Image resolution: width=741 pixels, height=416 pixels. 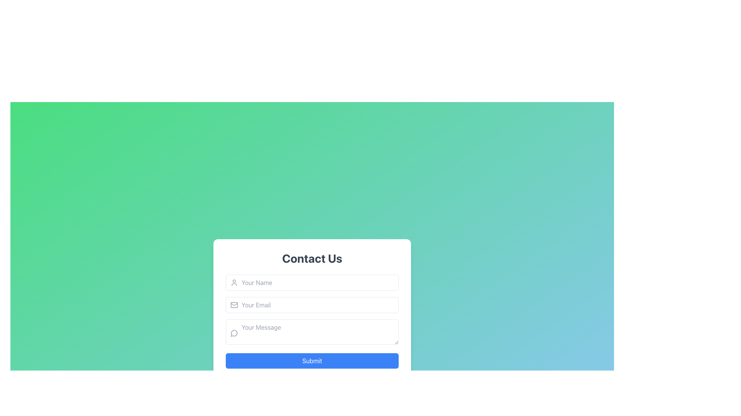 I want to click on the icon representing the 'Your Message' input field in the 'Contact Us' form, which is positioned to the left of the text input area, so click(x=233, y=332).